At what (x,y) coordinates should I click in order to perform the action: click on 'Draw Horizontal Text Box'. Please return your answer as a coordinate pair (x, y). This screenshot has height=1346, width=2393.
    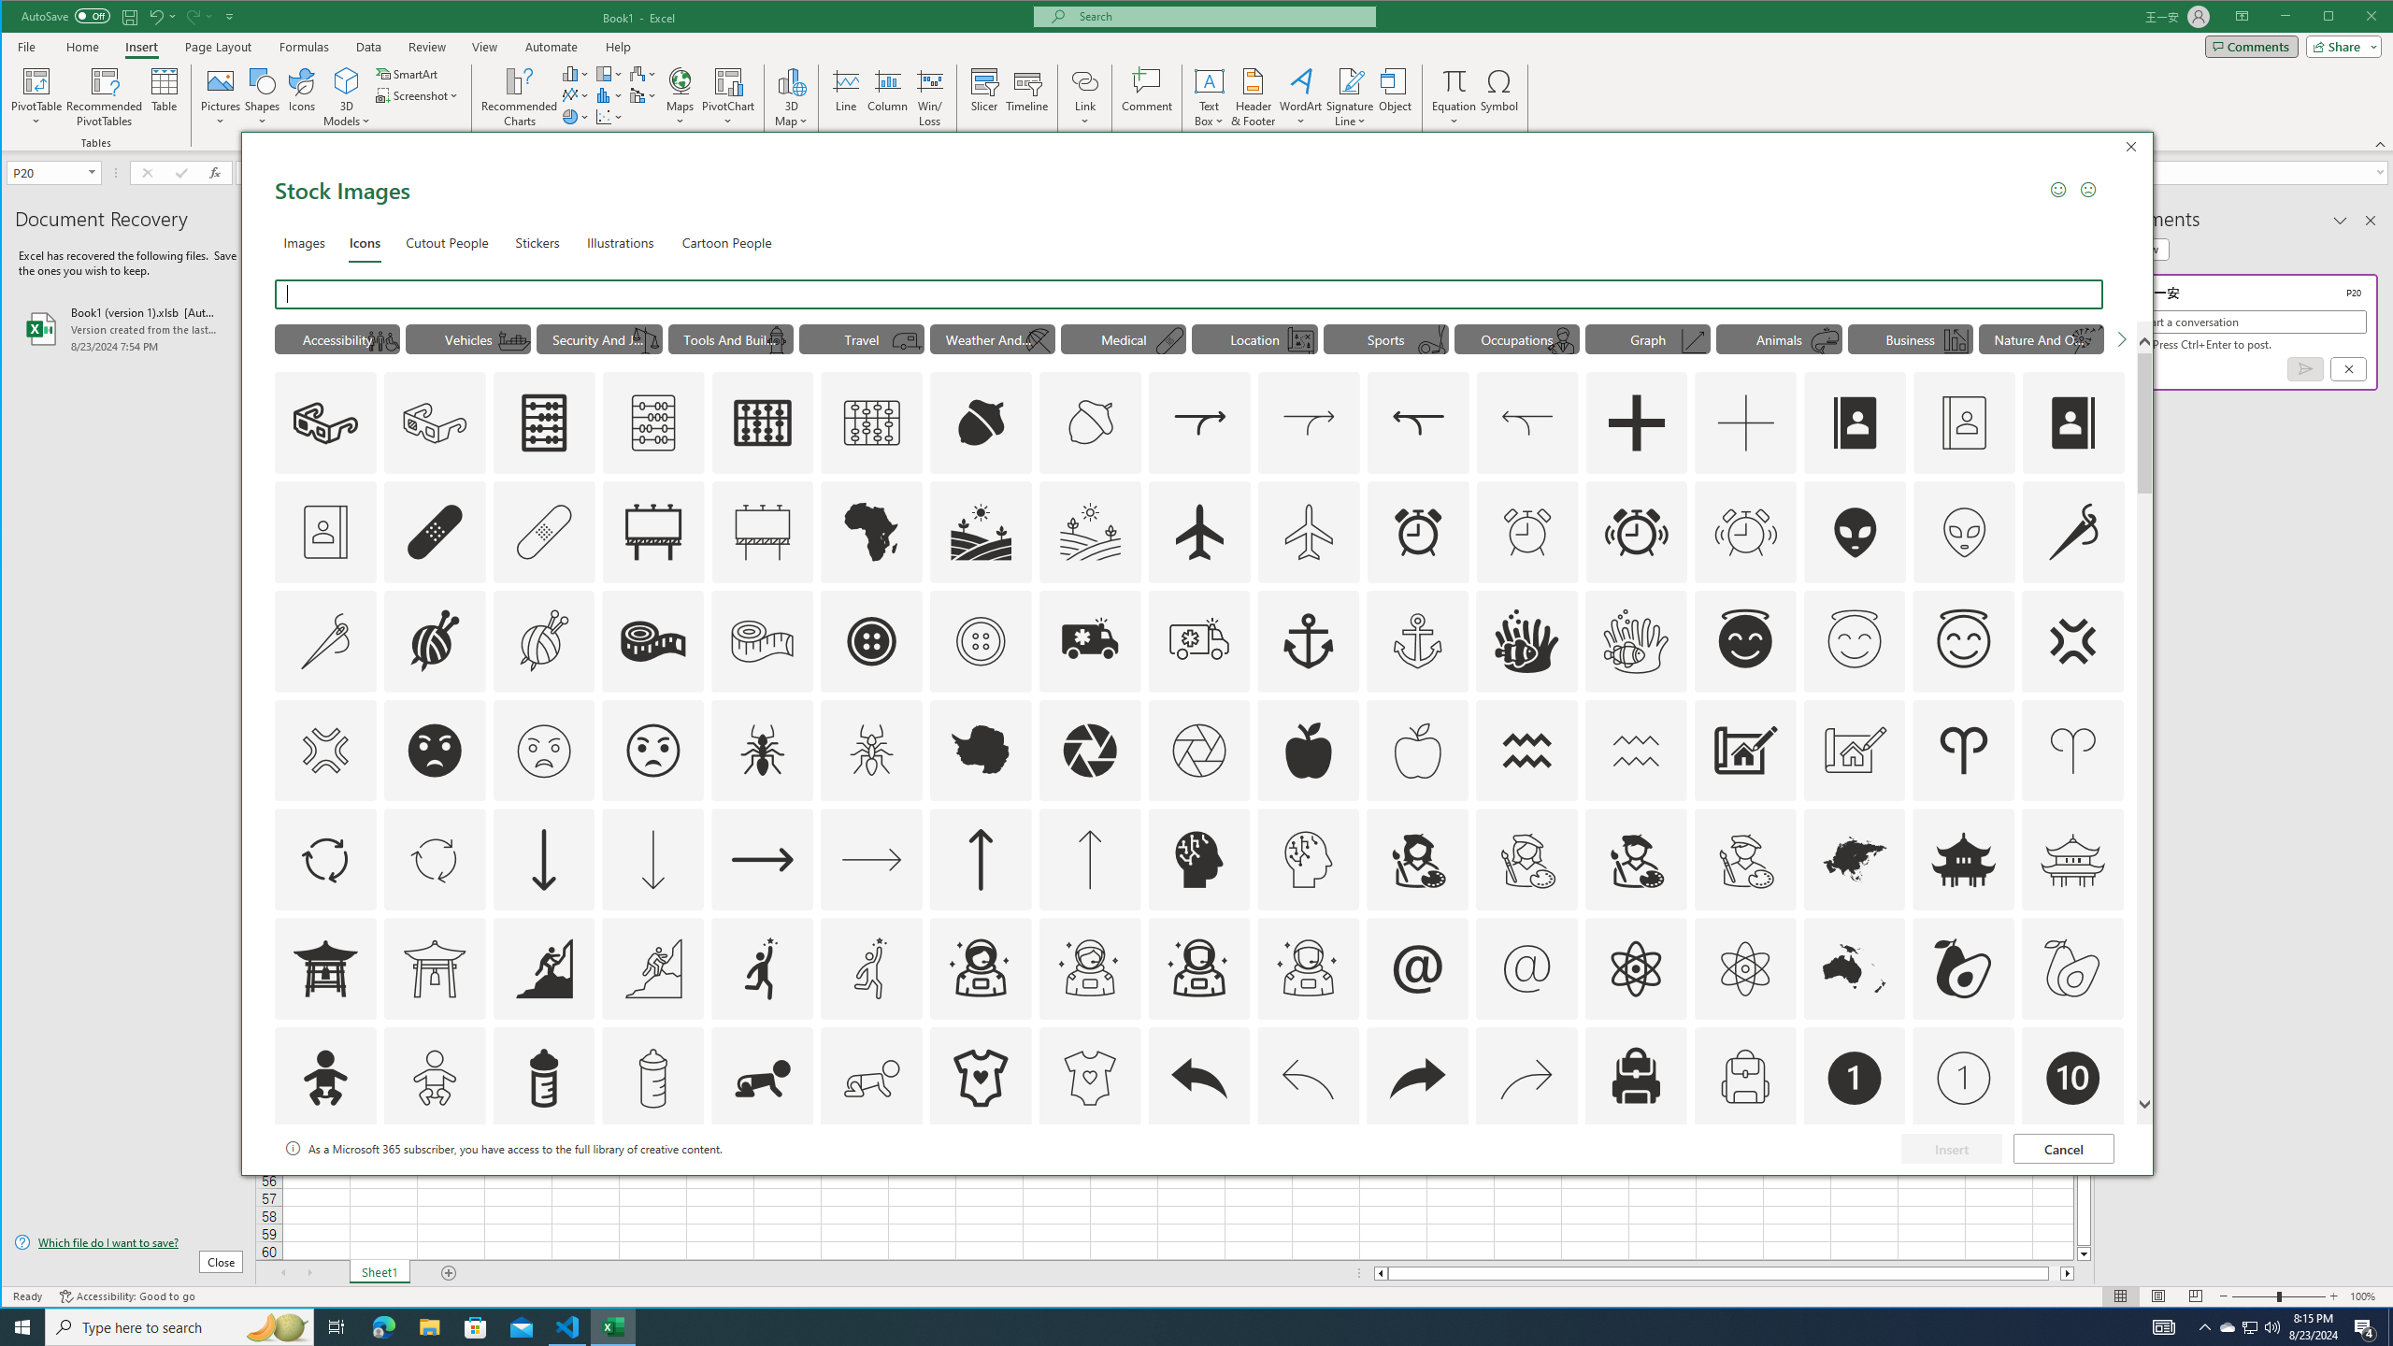
    Looking at the image, I should click on (1209, 79).